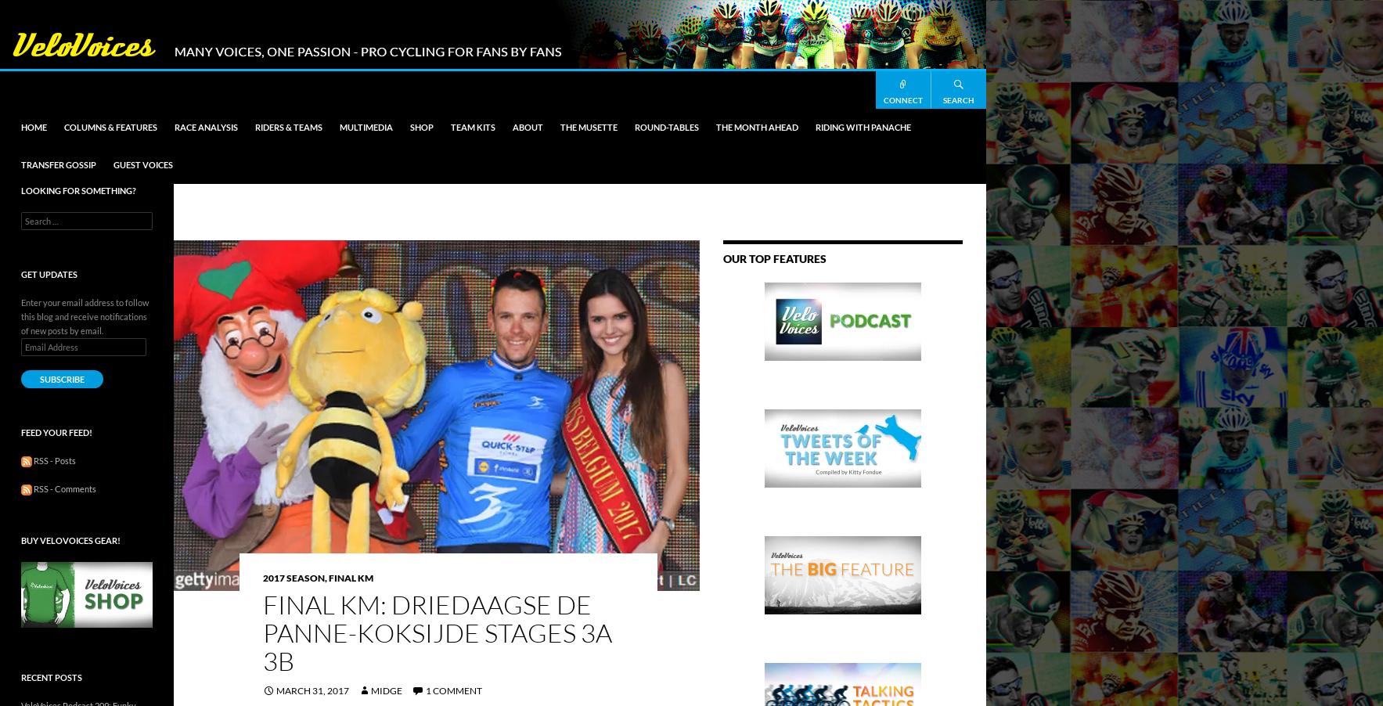 The image size is (1383, 706). I want to click on 'RSS - Posts', so click(52, 460).